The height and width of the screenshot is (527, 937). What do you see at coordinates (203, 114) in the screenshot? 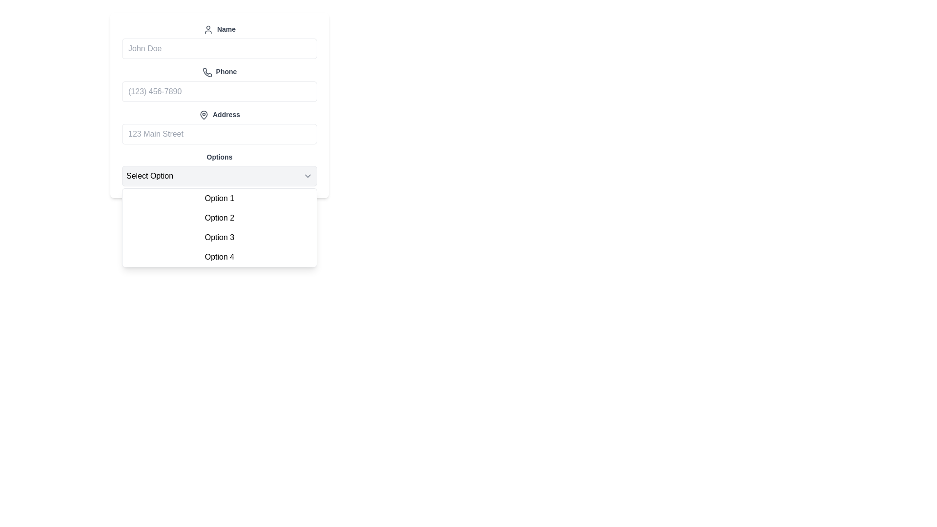
I see `the small dark gray map pin icon located to the immediate left of the 'Address' label in the form` at bounding box center [203, 114].